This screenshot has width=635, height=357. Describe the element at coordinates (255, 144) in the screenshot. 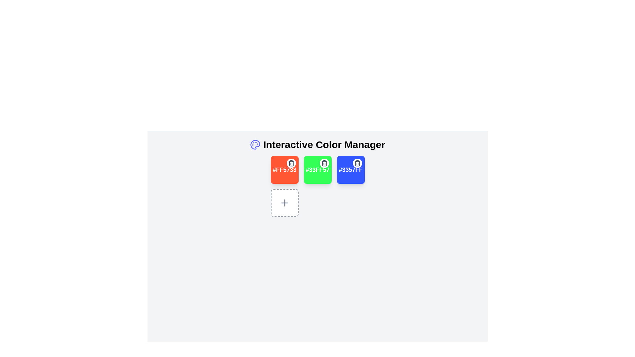

I see `the color palette icon located in the header, directly to the left of the 'Interactive Color Manager' text` at that location.